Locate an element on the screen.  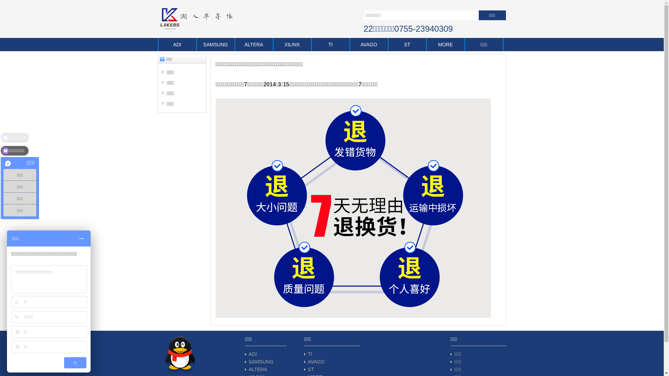
'TI' is located at coordinates (309, 354).